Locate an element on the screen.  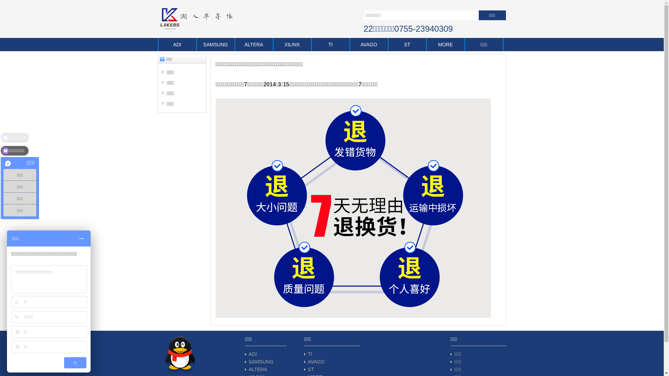
'TI' is located at coordinates (309, 354).